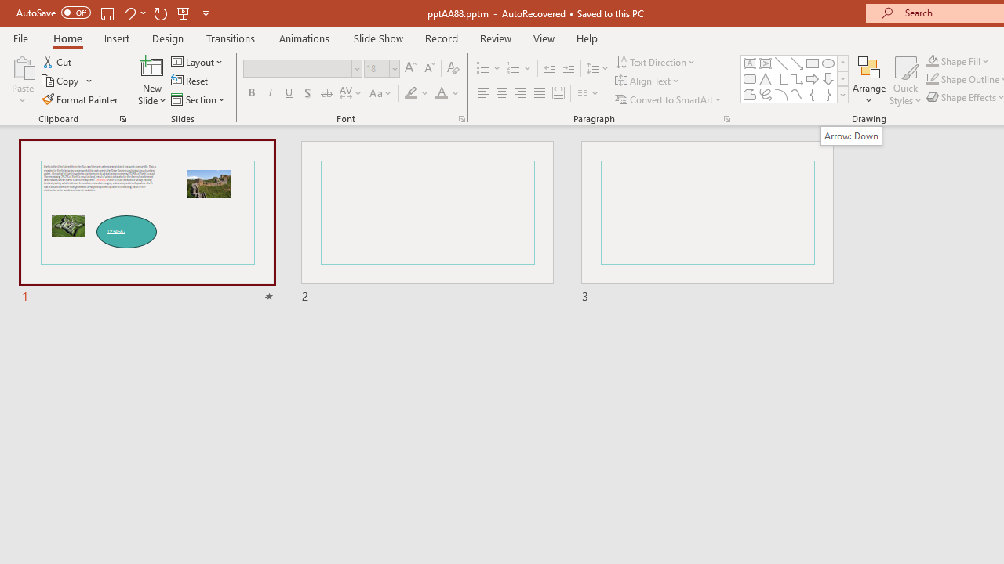 This screenshot has height=564, width=1004. I want to click on 'Line Arrow', so click(797, 63).